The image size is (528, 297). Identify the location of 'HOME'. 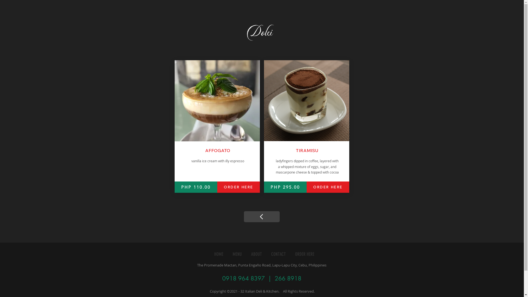
(218, 254).